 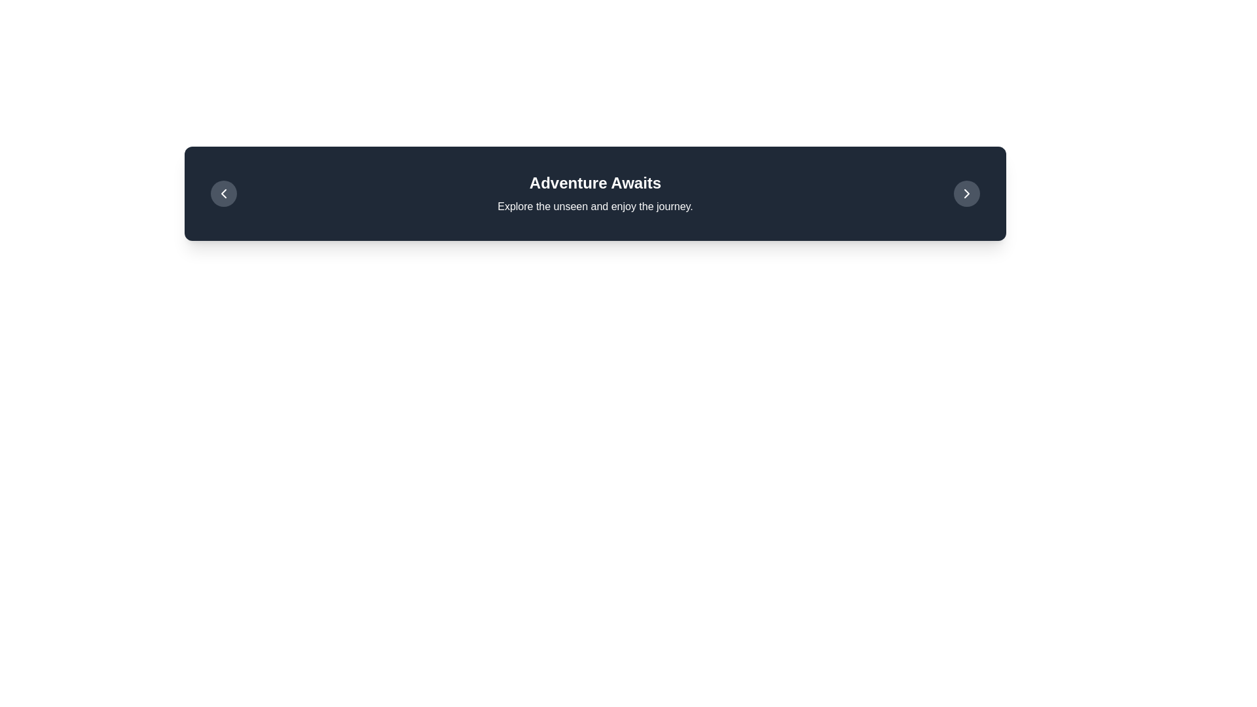 What do you see at coordinates (223, 194) in the screenshot?
I see `the 'Back' navigation icon located in the leftmost area of the horizontal navigation bar` at bounding box center [223, 194].